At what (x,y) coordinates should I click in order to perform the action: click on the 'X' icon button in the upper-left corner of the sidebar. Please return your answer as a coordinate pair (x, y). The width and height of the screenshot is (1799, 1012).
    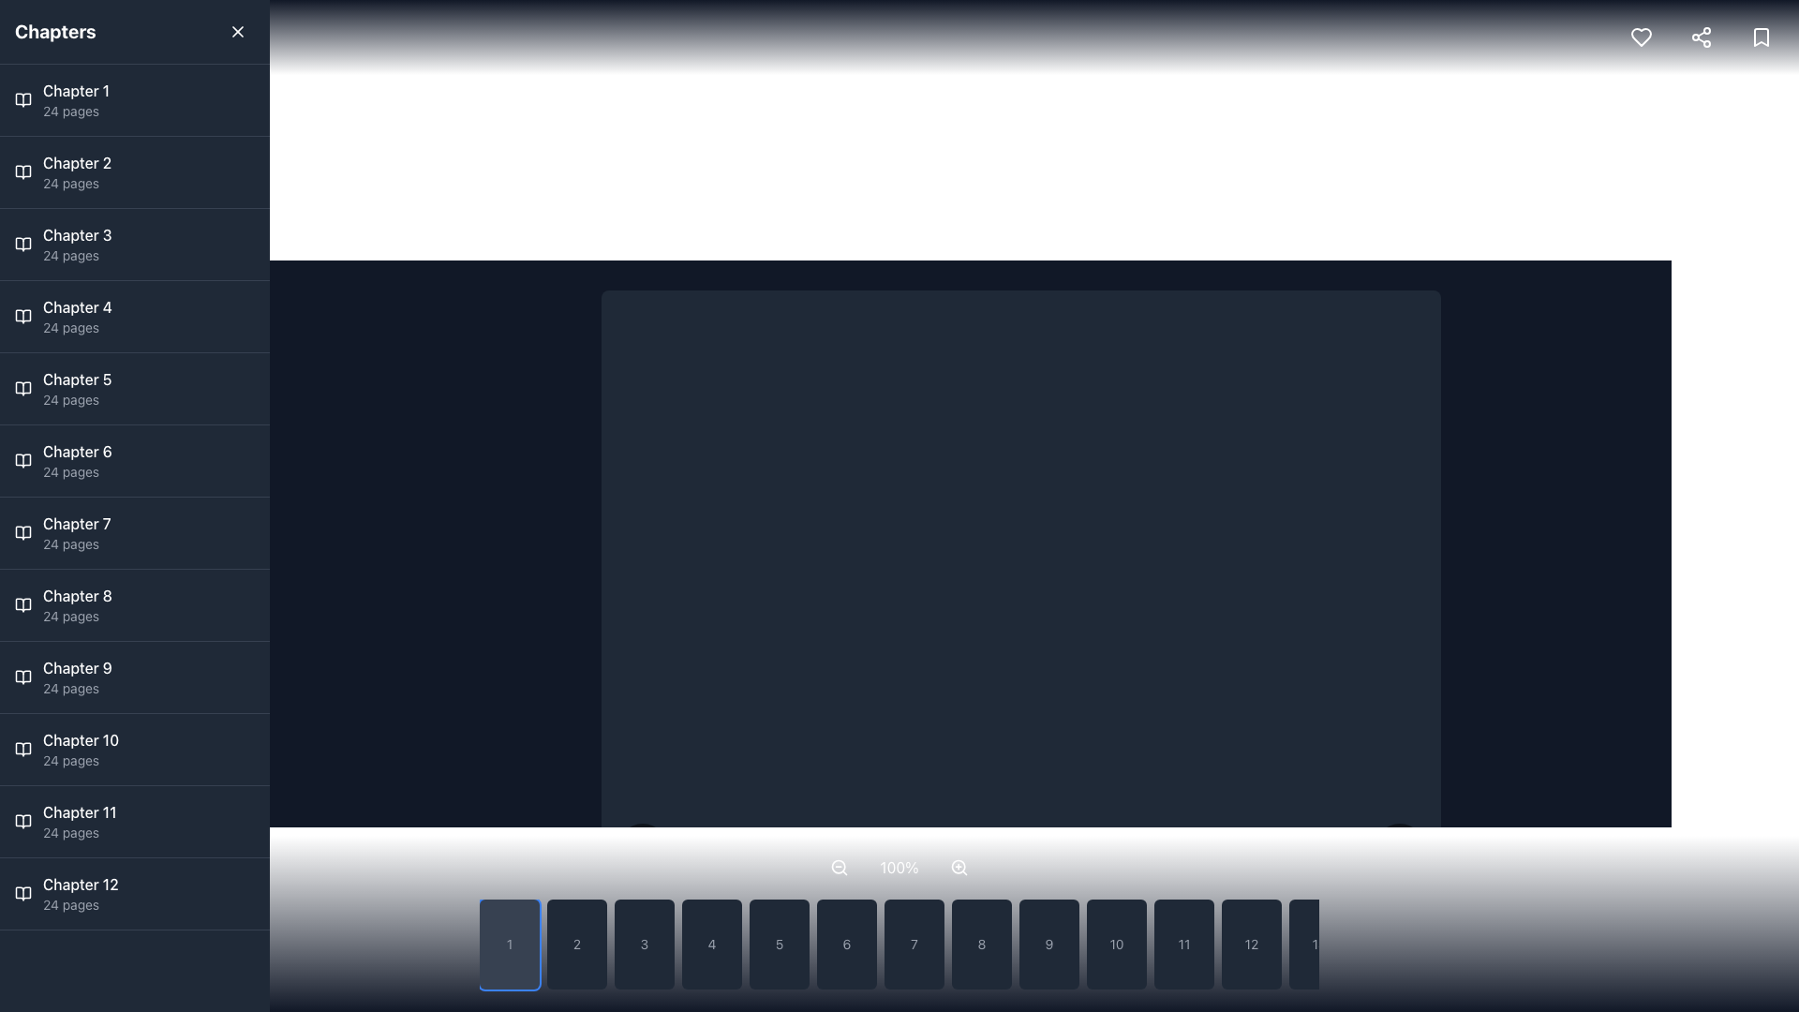
    Looking at the image, I should click on (237, 32).